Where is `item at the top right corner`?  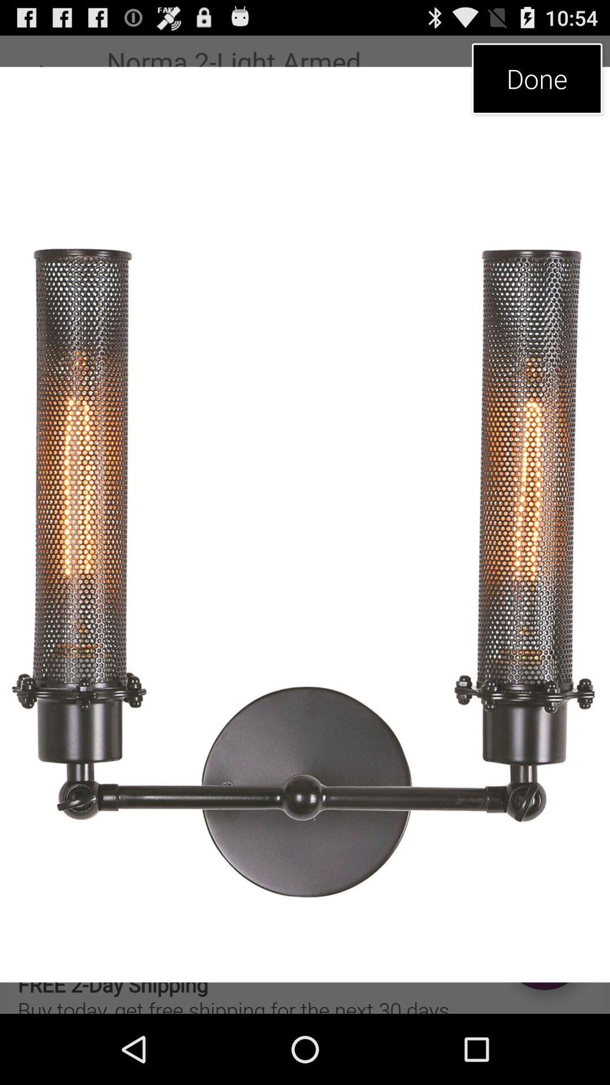
item at the top right corner is located at coordinates (537, 78).